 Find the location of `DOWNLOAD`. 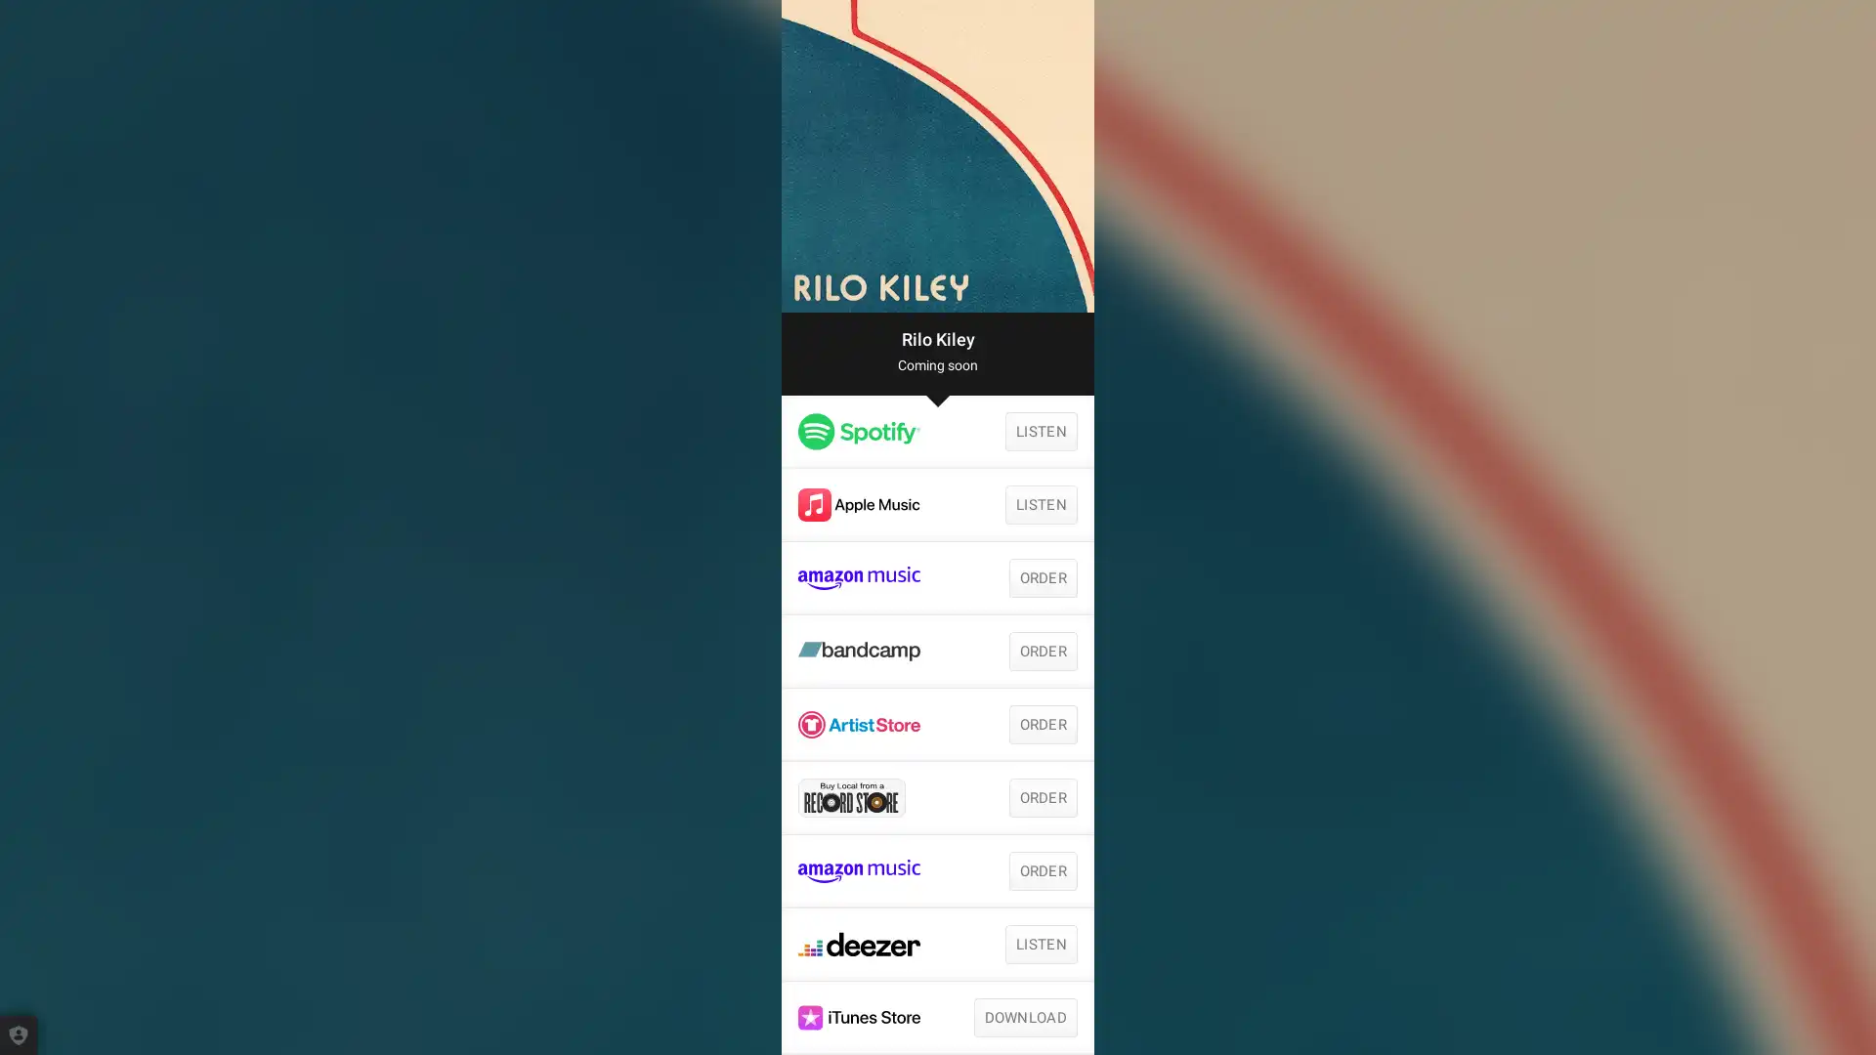

DOWNLOAD is located at coordinates (1024, 1016).